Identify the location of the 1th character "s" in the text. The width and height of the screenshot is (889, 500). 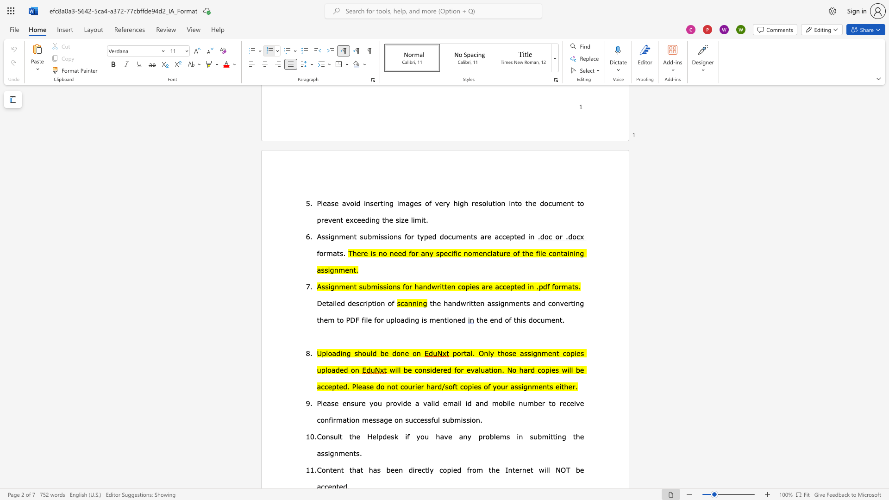
(357, 303).